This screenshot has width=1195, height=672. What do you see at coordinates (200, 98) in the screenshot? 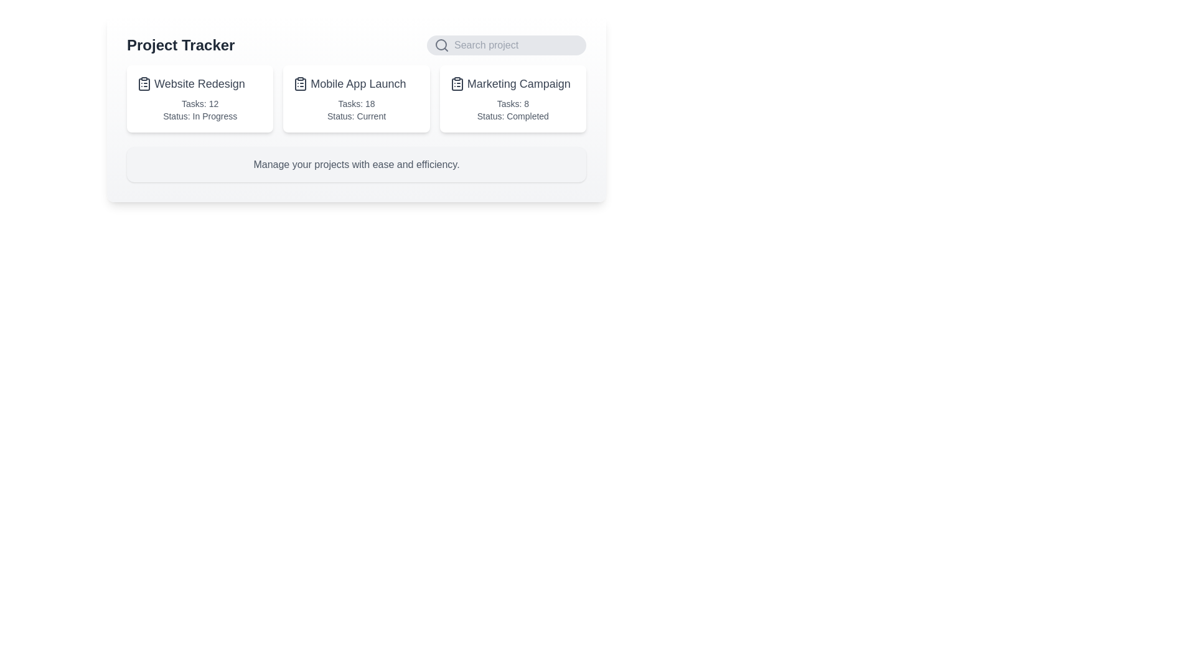
I see `the rectangular card titled 'Website Redesign' with a white background and rounded corners located at the top-left corner of the grid layout` at bounding box center [200, 98].